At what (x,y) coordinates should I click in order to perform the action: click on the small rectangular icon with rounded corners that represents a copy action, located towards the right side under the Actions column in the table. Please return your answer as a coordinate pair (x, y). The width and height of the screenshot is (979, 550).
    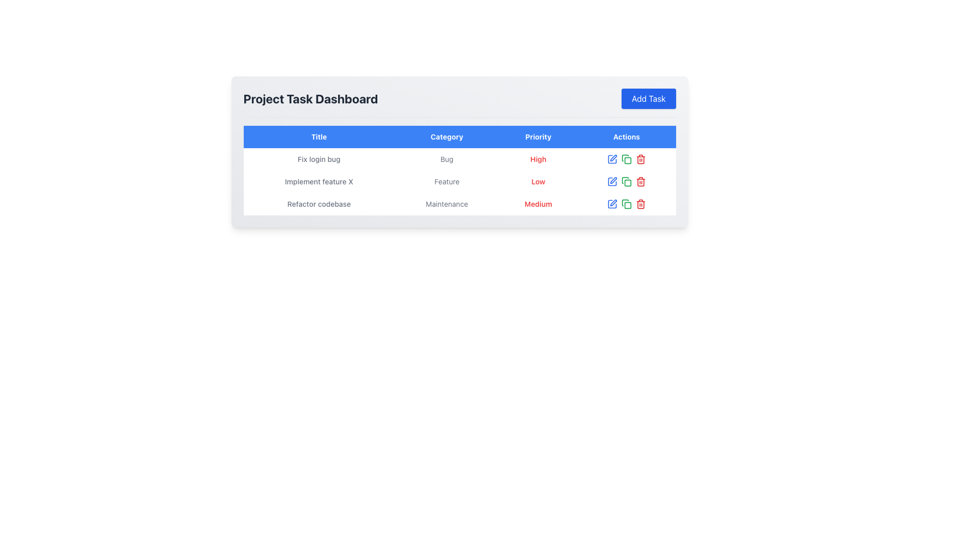
    Looking at the image, I should click on (627, 160).